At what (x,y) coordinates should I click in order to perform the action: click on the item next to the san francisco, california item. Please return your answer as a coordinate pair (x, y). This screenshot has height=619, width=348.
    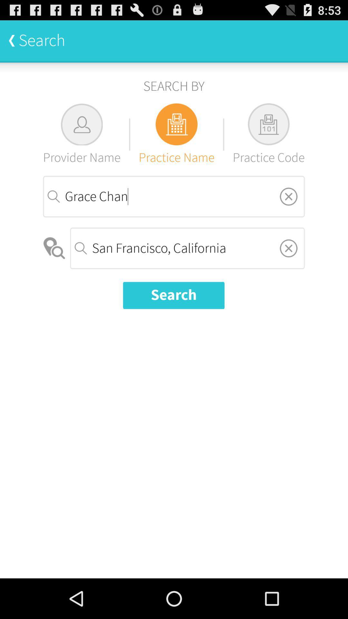
    Looking at the image, I should click on (54, 248).